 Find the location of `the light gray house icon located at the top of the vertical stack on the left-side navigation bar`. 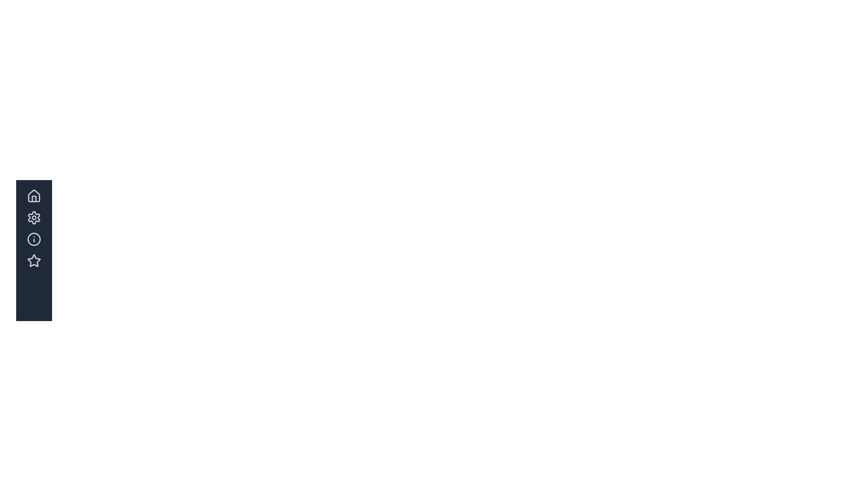

the light gray house icon located at the top of the vertical stack on the left-side navigation bar is located at coordinates (34, 195).